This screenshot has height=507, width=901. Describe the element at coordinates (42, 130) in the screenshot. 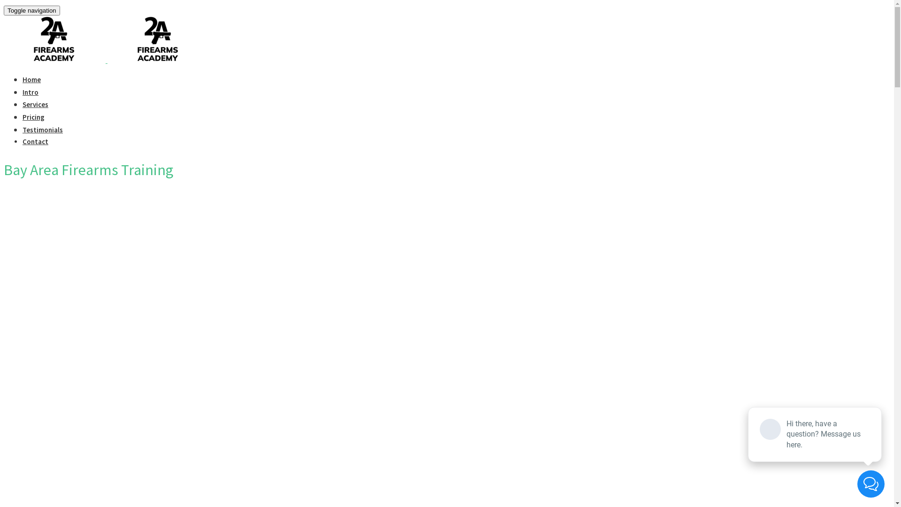

I see `'Testimonials'` at that location.